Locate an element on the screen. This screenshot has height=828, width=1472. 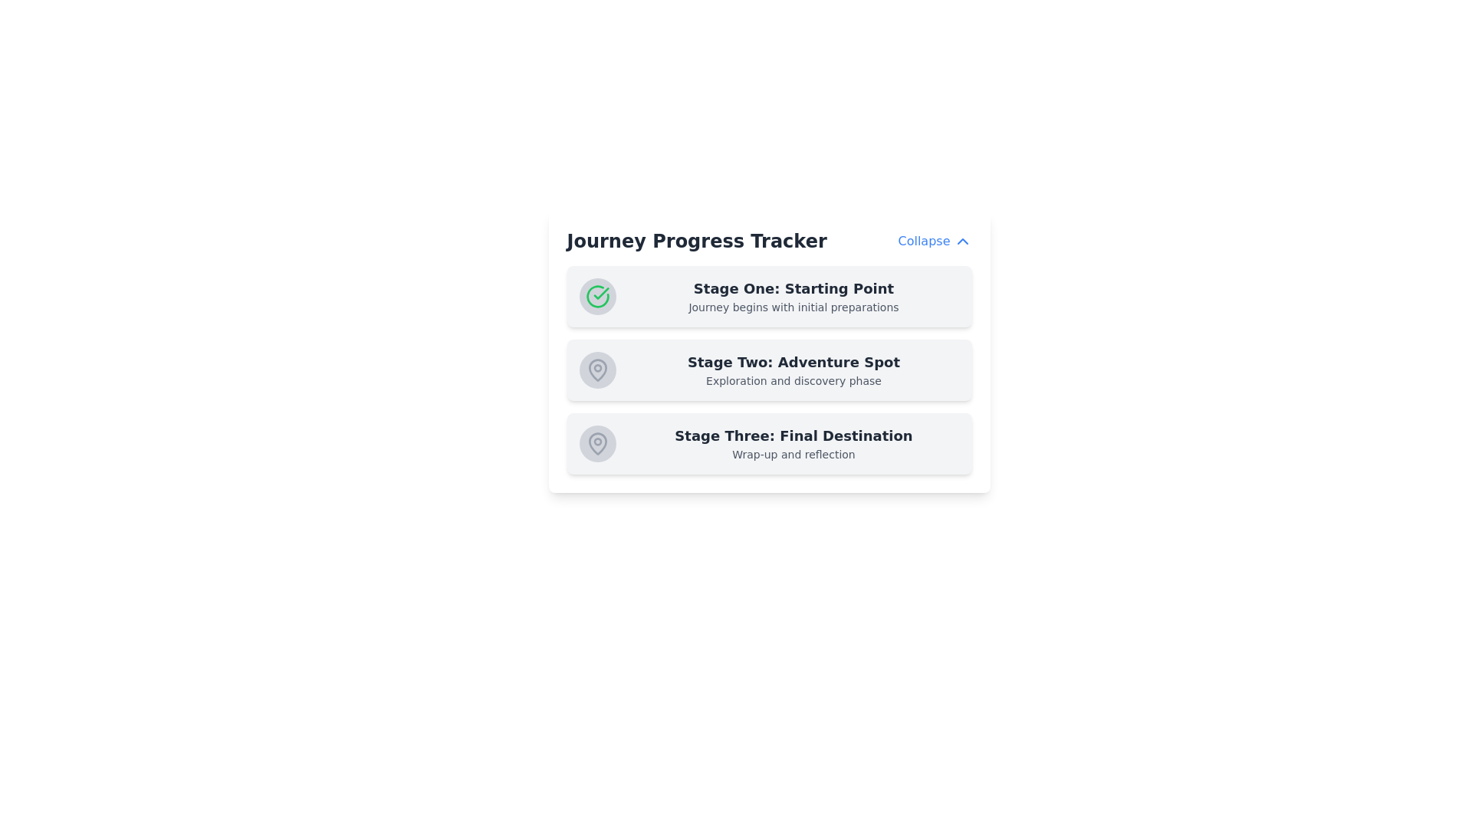
the decorative icon button associated with the 'Stage Three: Final Destination' section of the progress tracker, located at the leftmost side of the row labeled 'Stage Three: Final Destination Wrap-up and reflection.' is located at coordinates (596, 443).